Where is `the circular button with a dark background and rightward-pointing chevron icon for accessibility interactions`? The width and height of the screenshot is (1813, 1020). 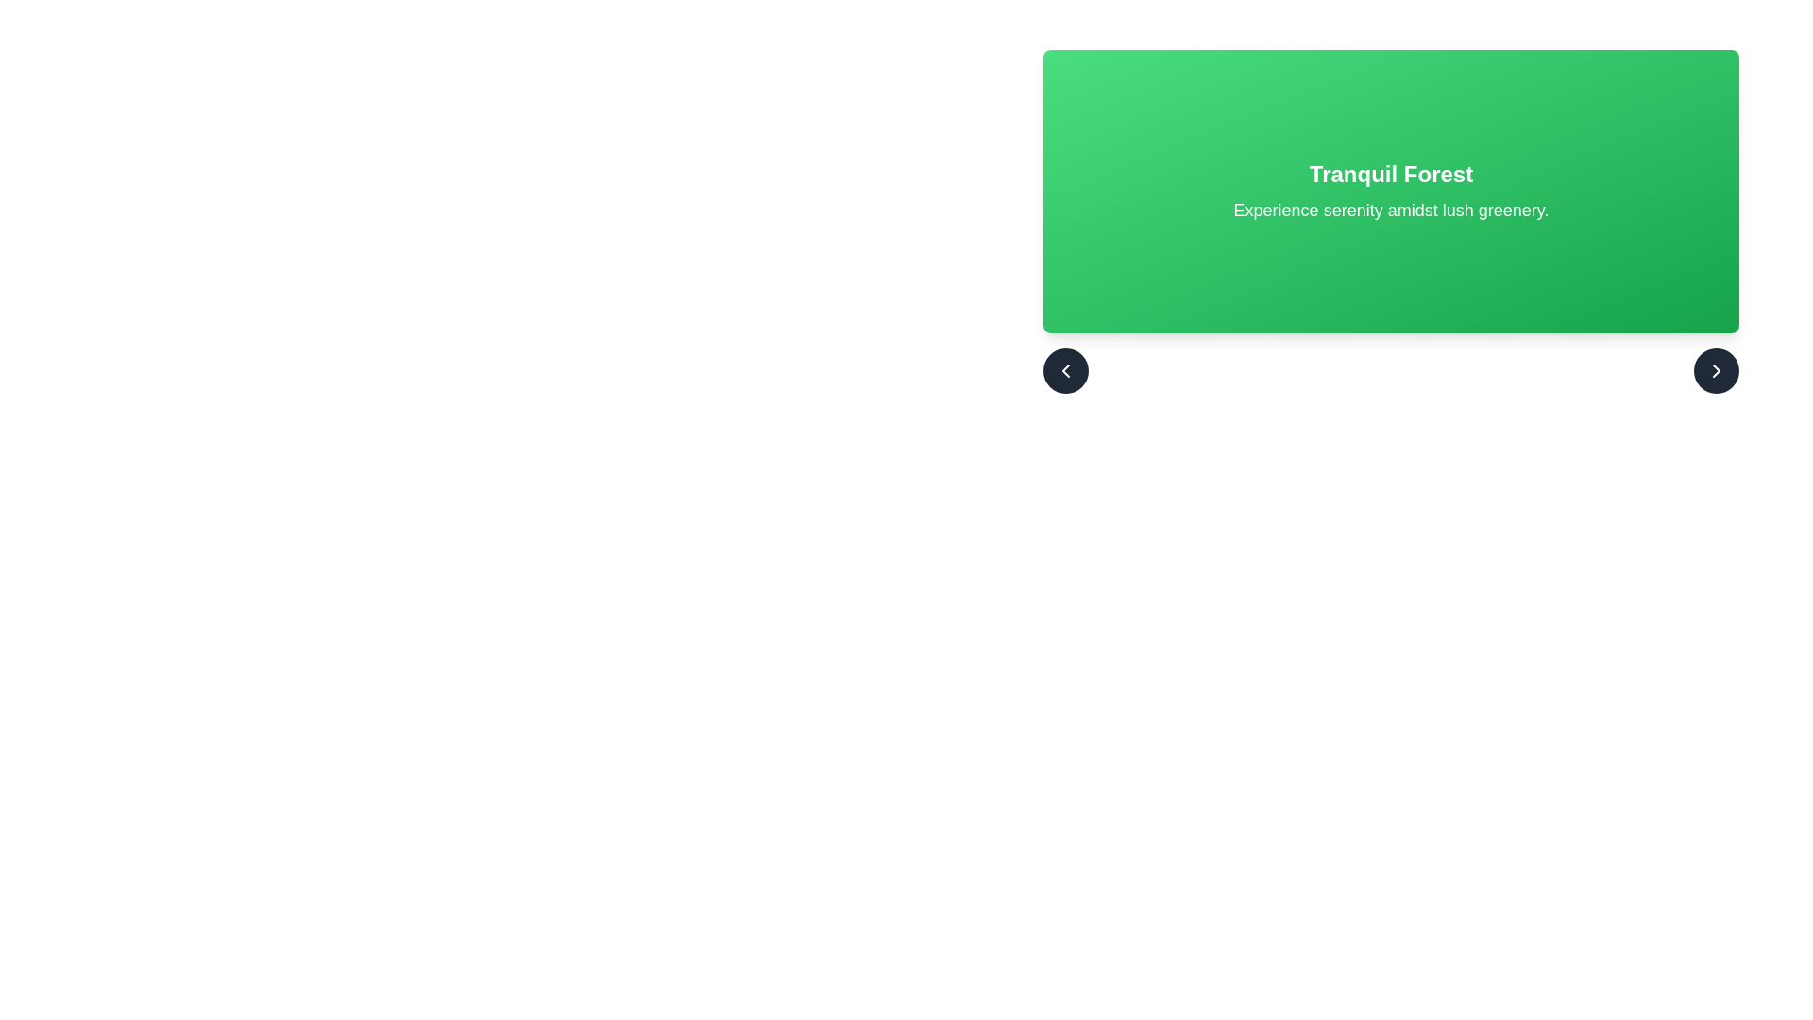
the circular button with a dark background and rightward-pointing chevron icon for accessibility interactions is located at coordinates (1717, 371).